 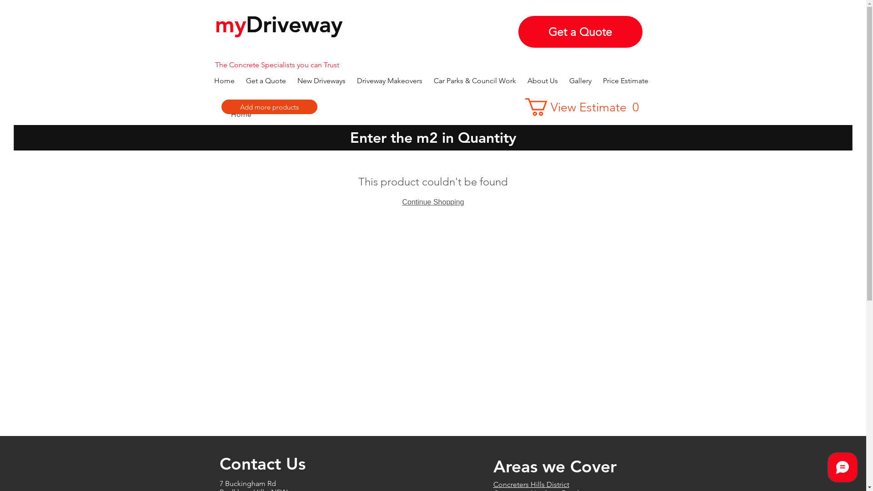 I want to click on 'Home', so click(x=225, y=80).